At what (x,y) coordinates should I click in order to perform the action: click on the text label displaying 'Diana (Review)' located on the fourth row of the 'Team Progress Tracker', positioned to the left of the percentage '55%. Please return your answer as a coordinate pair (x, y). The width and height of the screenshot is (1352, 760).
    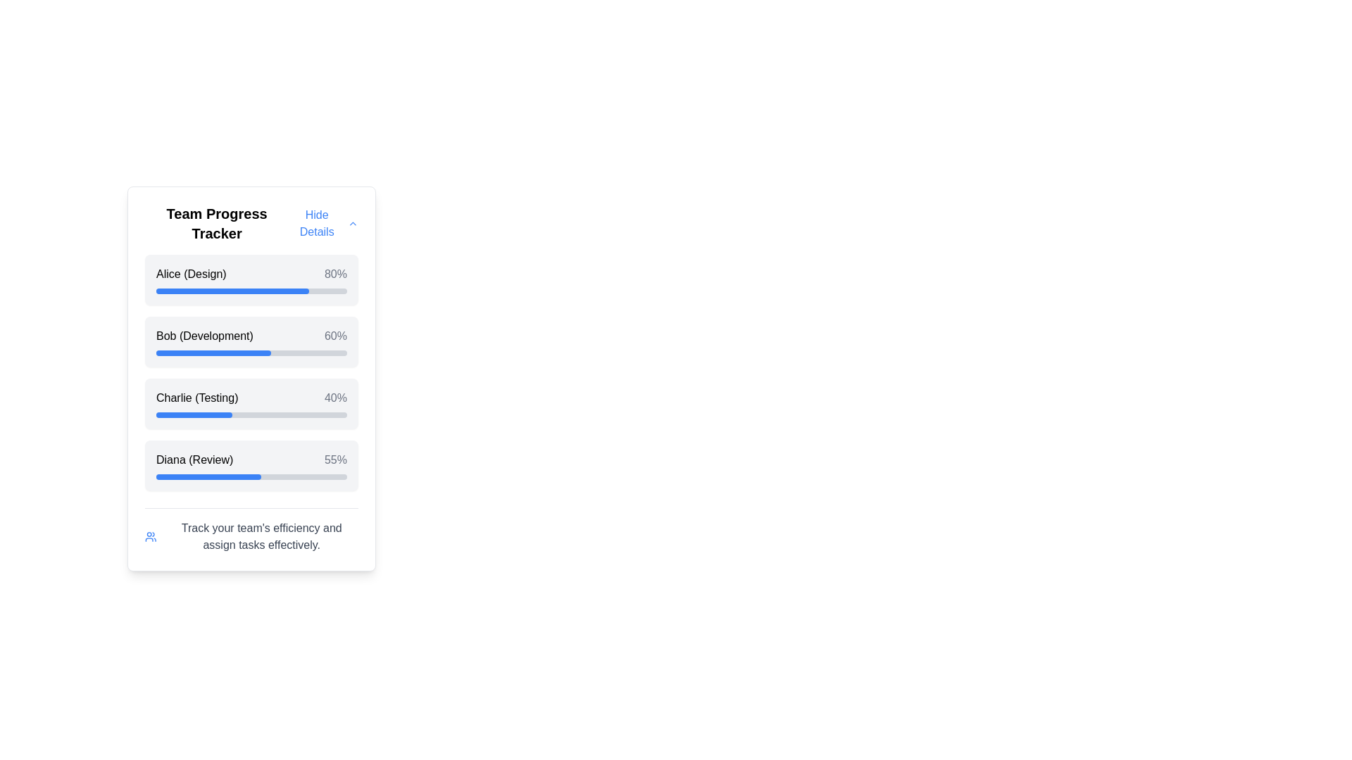
    Looking at the image, I should click on (194, 460).